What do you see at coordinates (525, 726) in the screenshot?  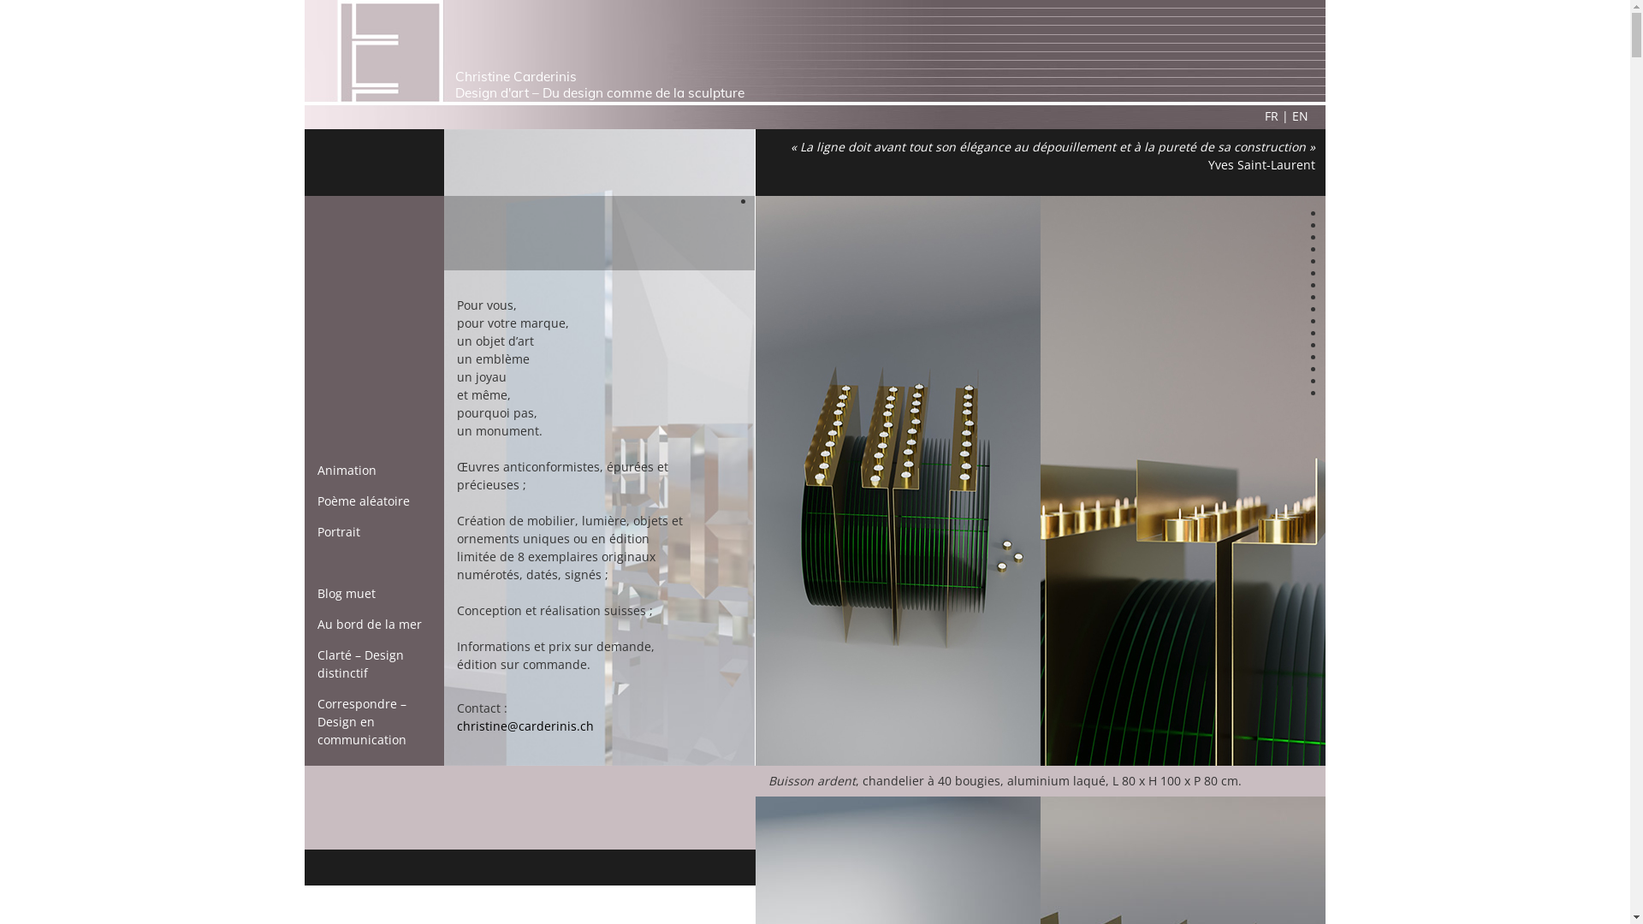 I see `'christine@carderinis.ch'` at bounding box center [525, 726].